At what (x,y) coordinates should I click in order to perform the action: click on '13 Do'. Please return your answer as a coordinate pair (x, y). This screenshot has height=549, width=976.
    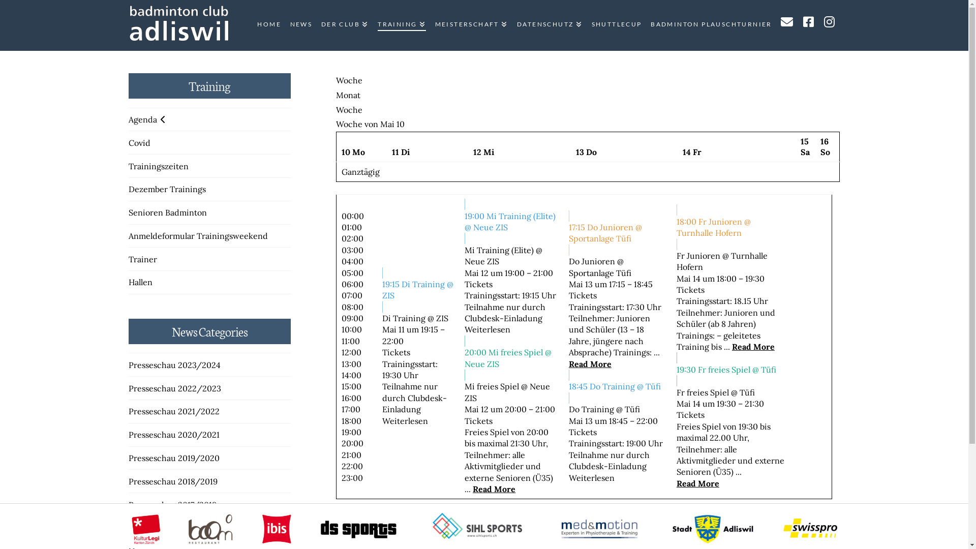
    Looking at the image, I should click on (586, 152).